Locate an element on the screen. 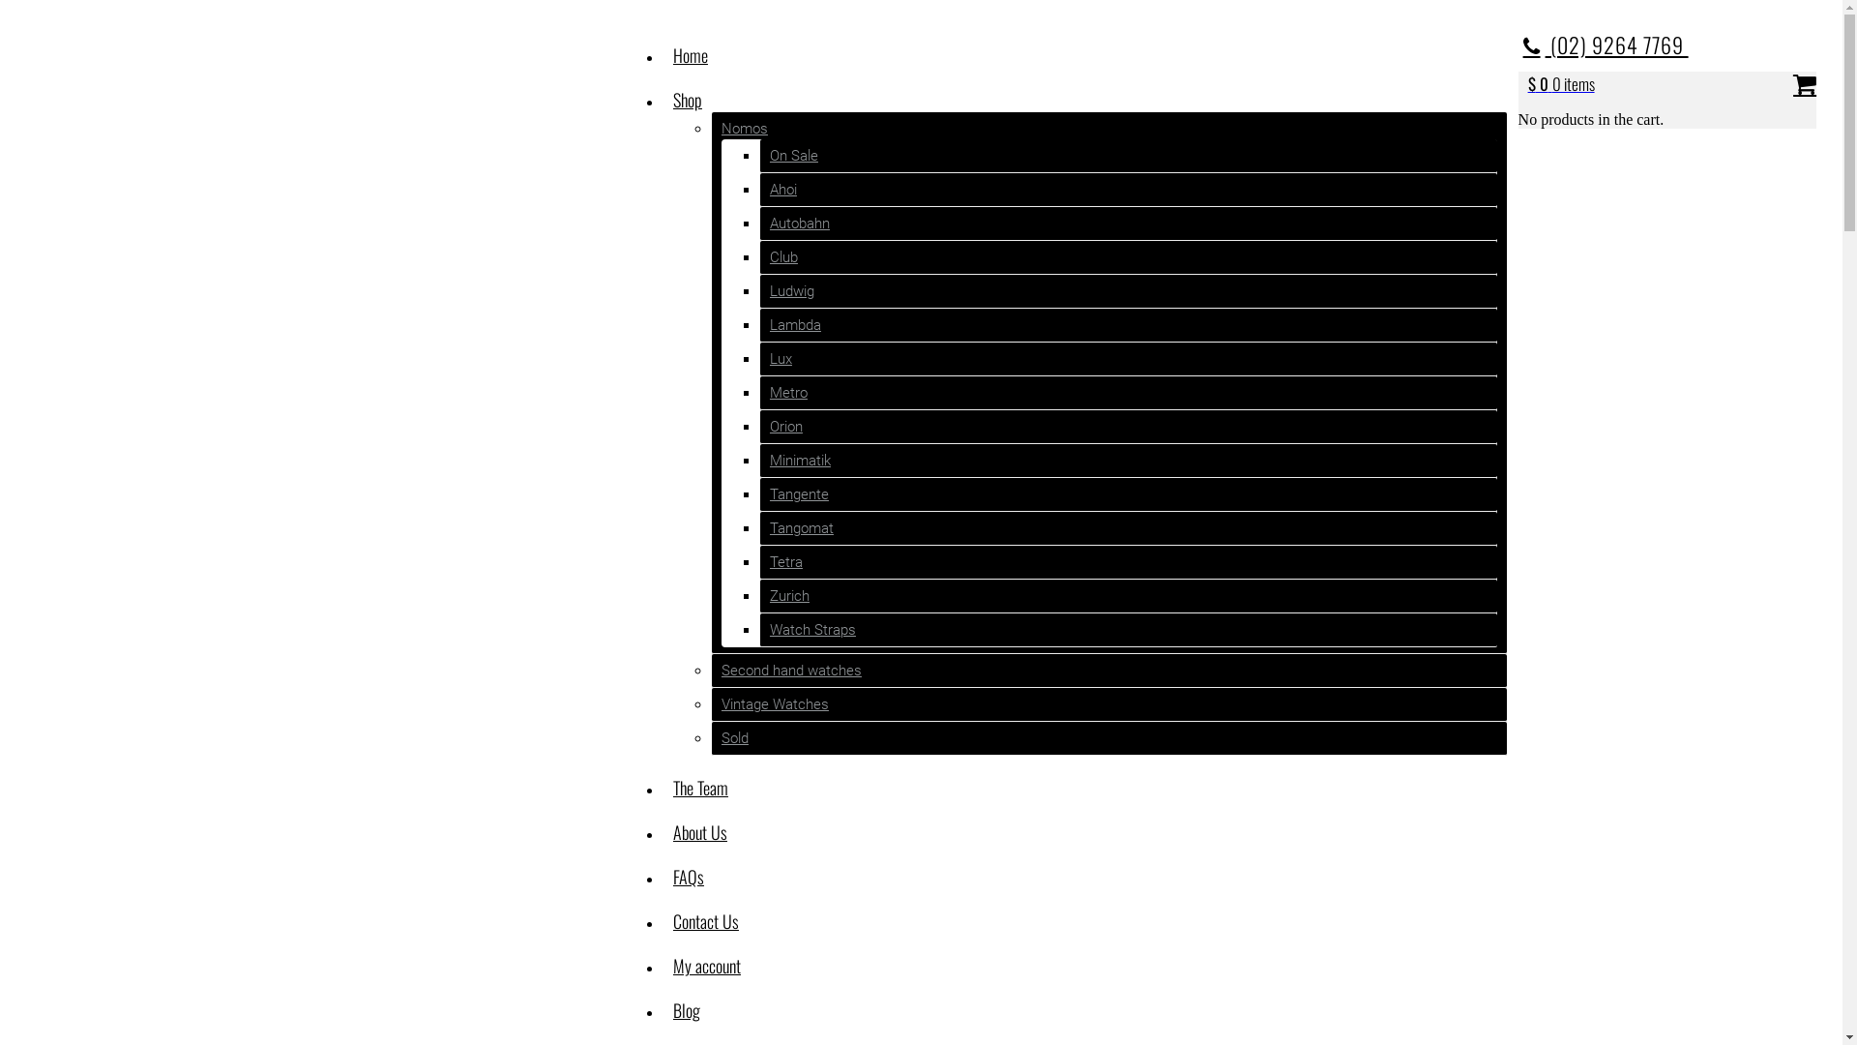  'Vintage Watches' is located at coordinates (720, 704).